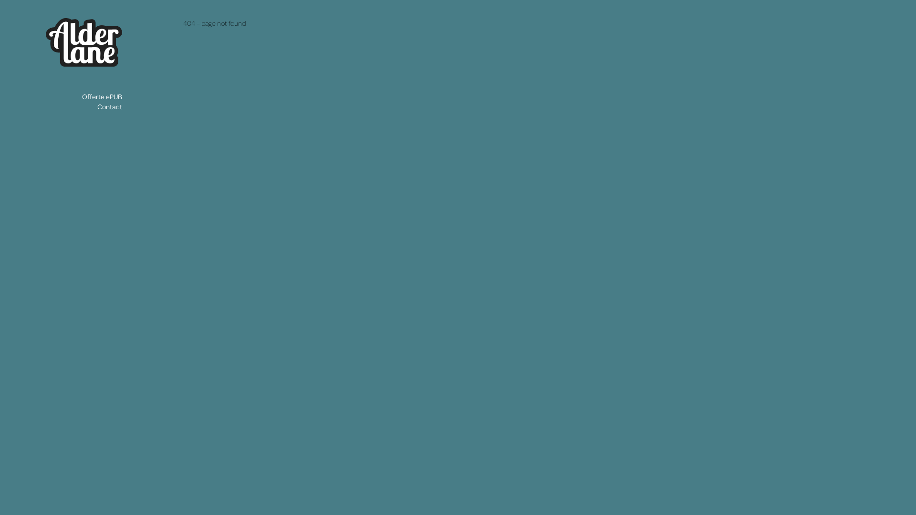 The width and height of the screenshot is (916, 515). Describe the element at coordinates (45, 64) in the screenshot. I see `'Alderlane'` at that location.